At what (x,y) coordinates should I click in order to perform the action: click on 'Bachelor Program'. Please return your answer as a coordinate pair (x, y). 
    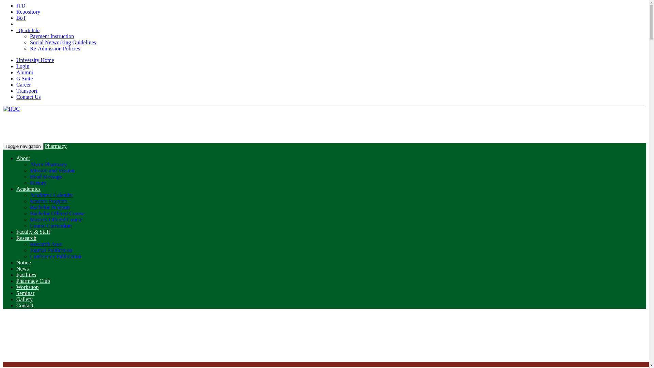
    Looking at the image, I should click on (49, 207).